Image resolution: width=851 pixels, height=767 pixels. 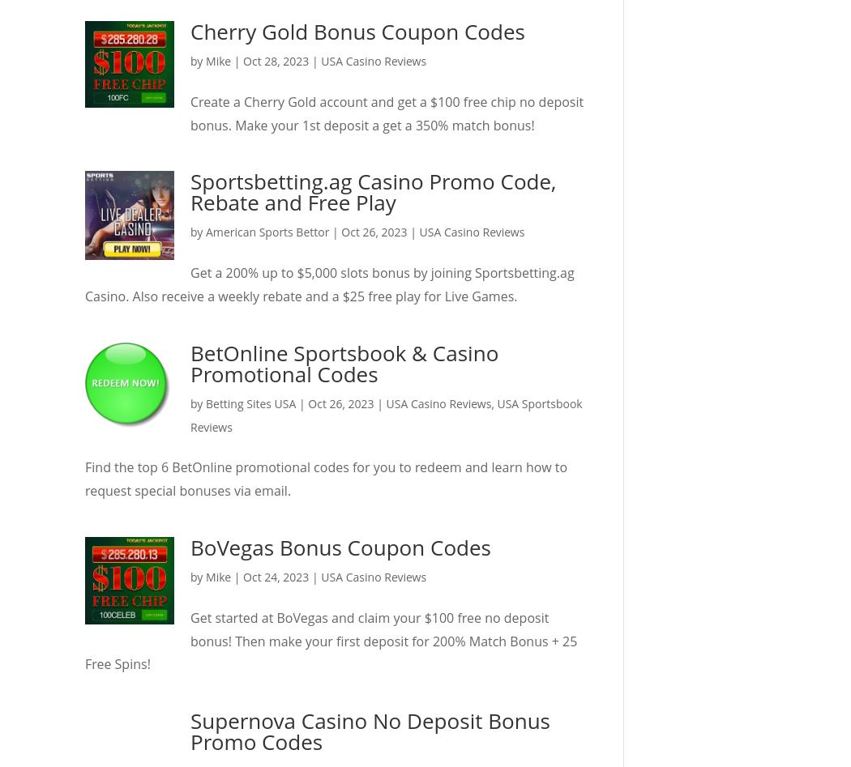 What do you see at coordinates (275, 61) in the screenshot?
I see `'Oct 28, 2023'` at bounding box center [275, 61].